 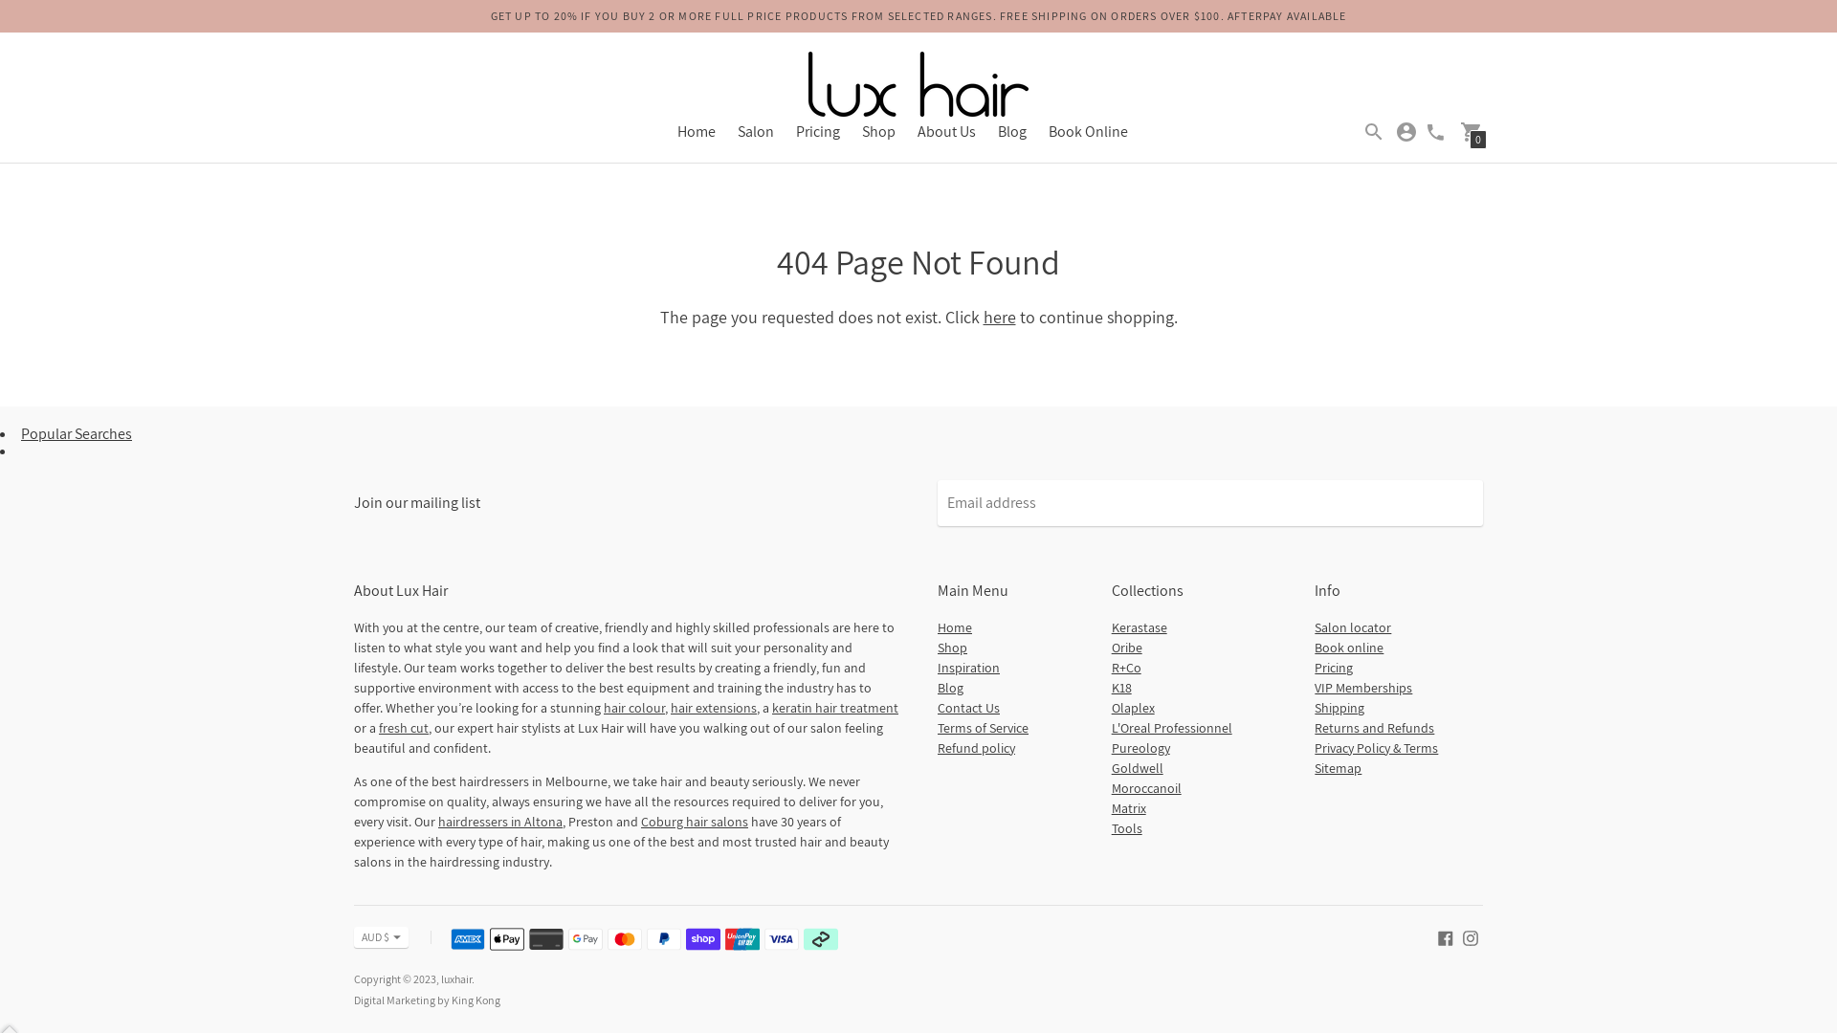 What do you see at coordinates (1170, 727) in the screenshot?
I see `'L'Oreal Professionnel'` at bounding box center [1170, 727].